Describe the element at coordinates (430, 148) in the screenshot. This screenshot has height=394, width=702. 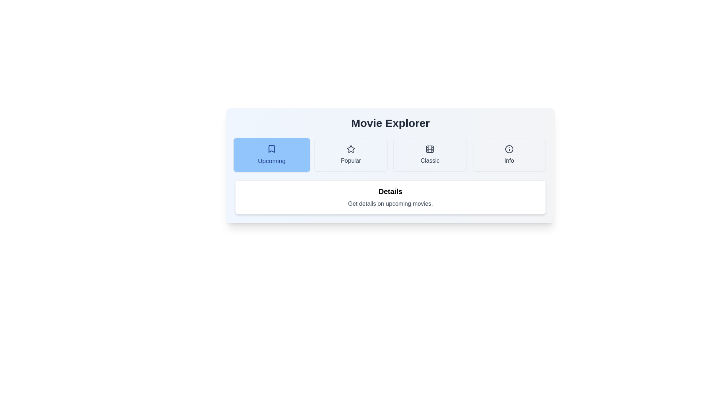
I see `the film reel icon in the 'Classic' category` at that location.